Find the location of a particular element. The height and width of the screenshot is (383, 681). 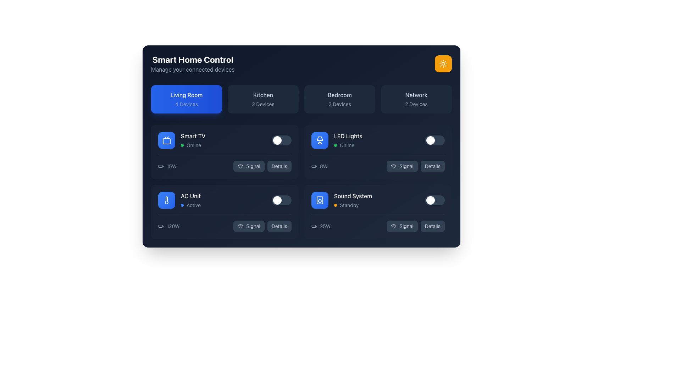

informational card about the AC Unit, which is located in the middle-left of the interface, below the 'Smart TV' card and above the power consumption text '120W' is located at coordinates (179, 200).